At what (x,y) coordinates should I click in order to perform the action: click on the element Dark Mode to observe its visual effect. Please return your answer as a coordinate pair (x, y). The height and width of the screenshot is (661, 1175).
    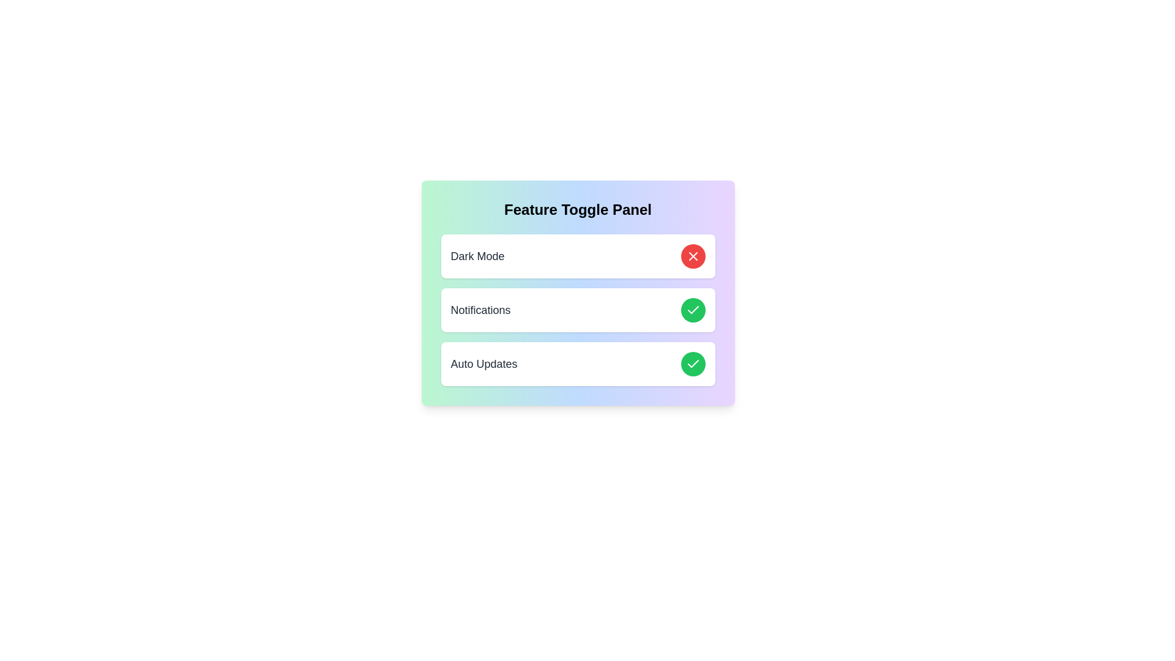
    Looking at the image, I should click on (577, 256).